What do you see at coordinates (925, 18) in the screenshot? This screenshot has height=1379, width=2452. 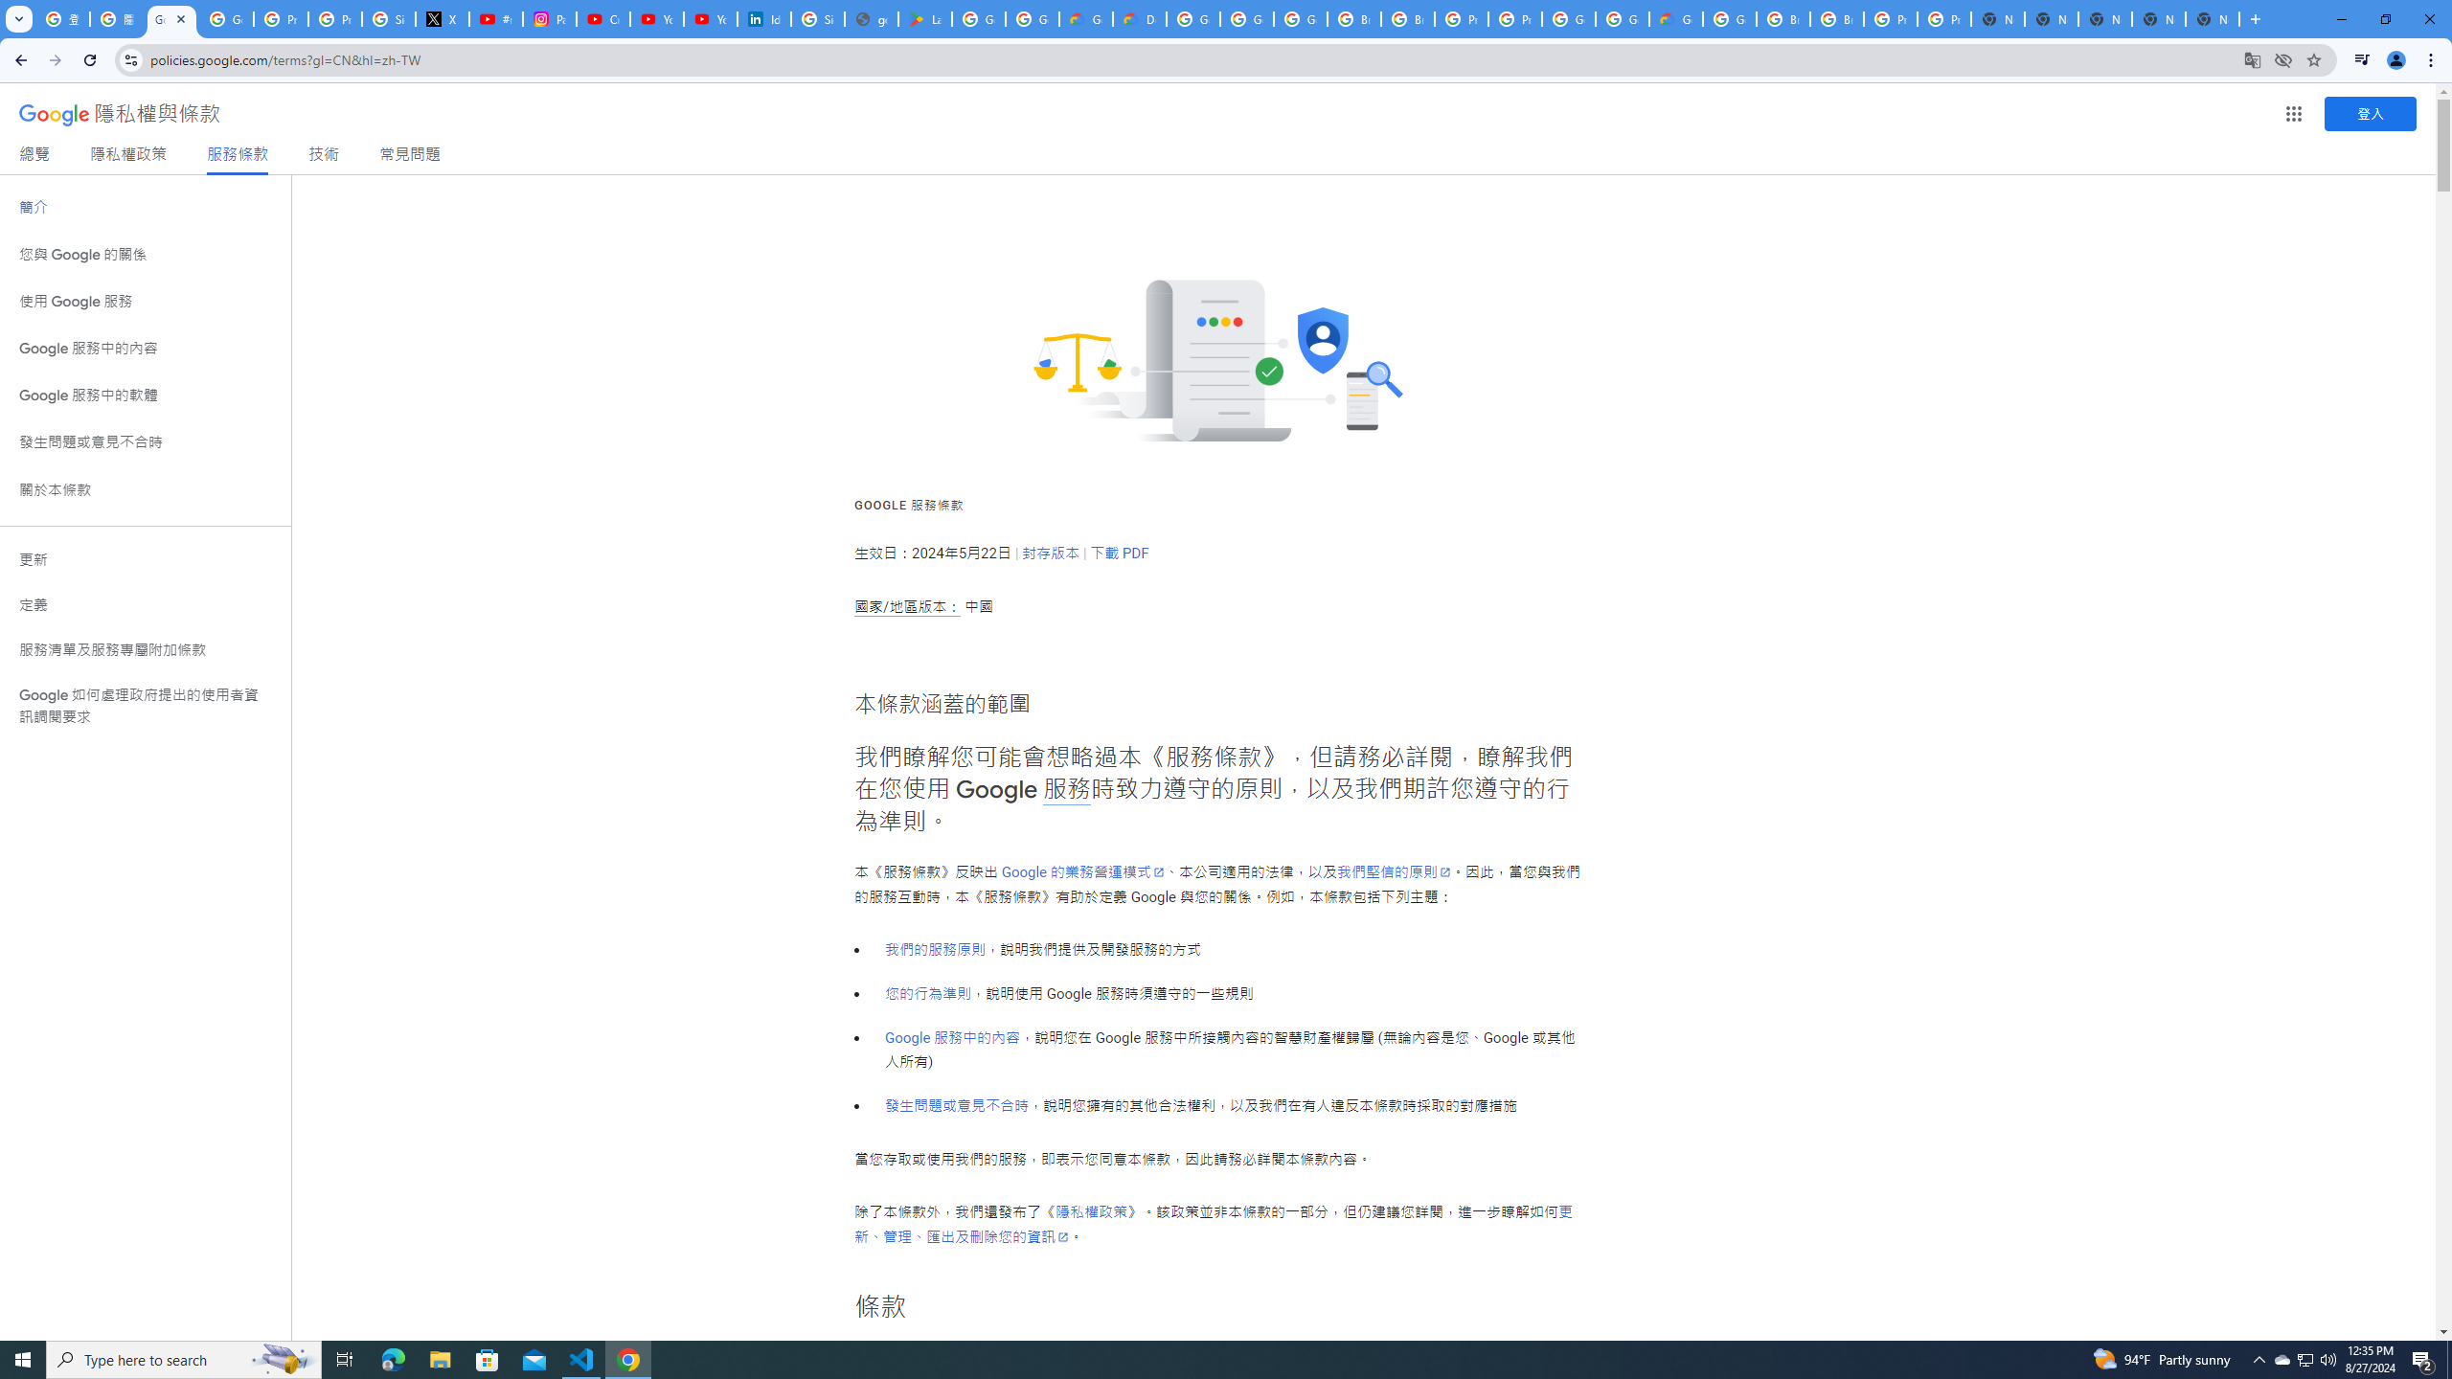 I see `'Last Shelter: Survival - Apps on Google Play'` at bounding box center [925, 18].